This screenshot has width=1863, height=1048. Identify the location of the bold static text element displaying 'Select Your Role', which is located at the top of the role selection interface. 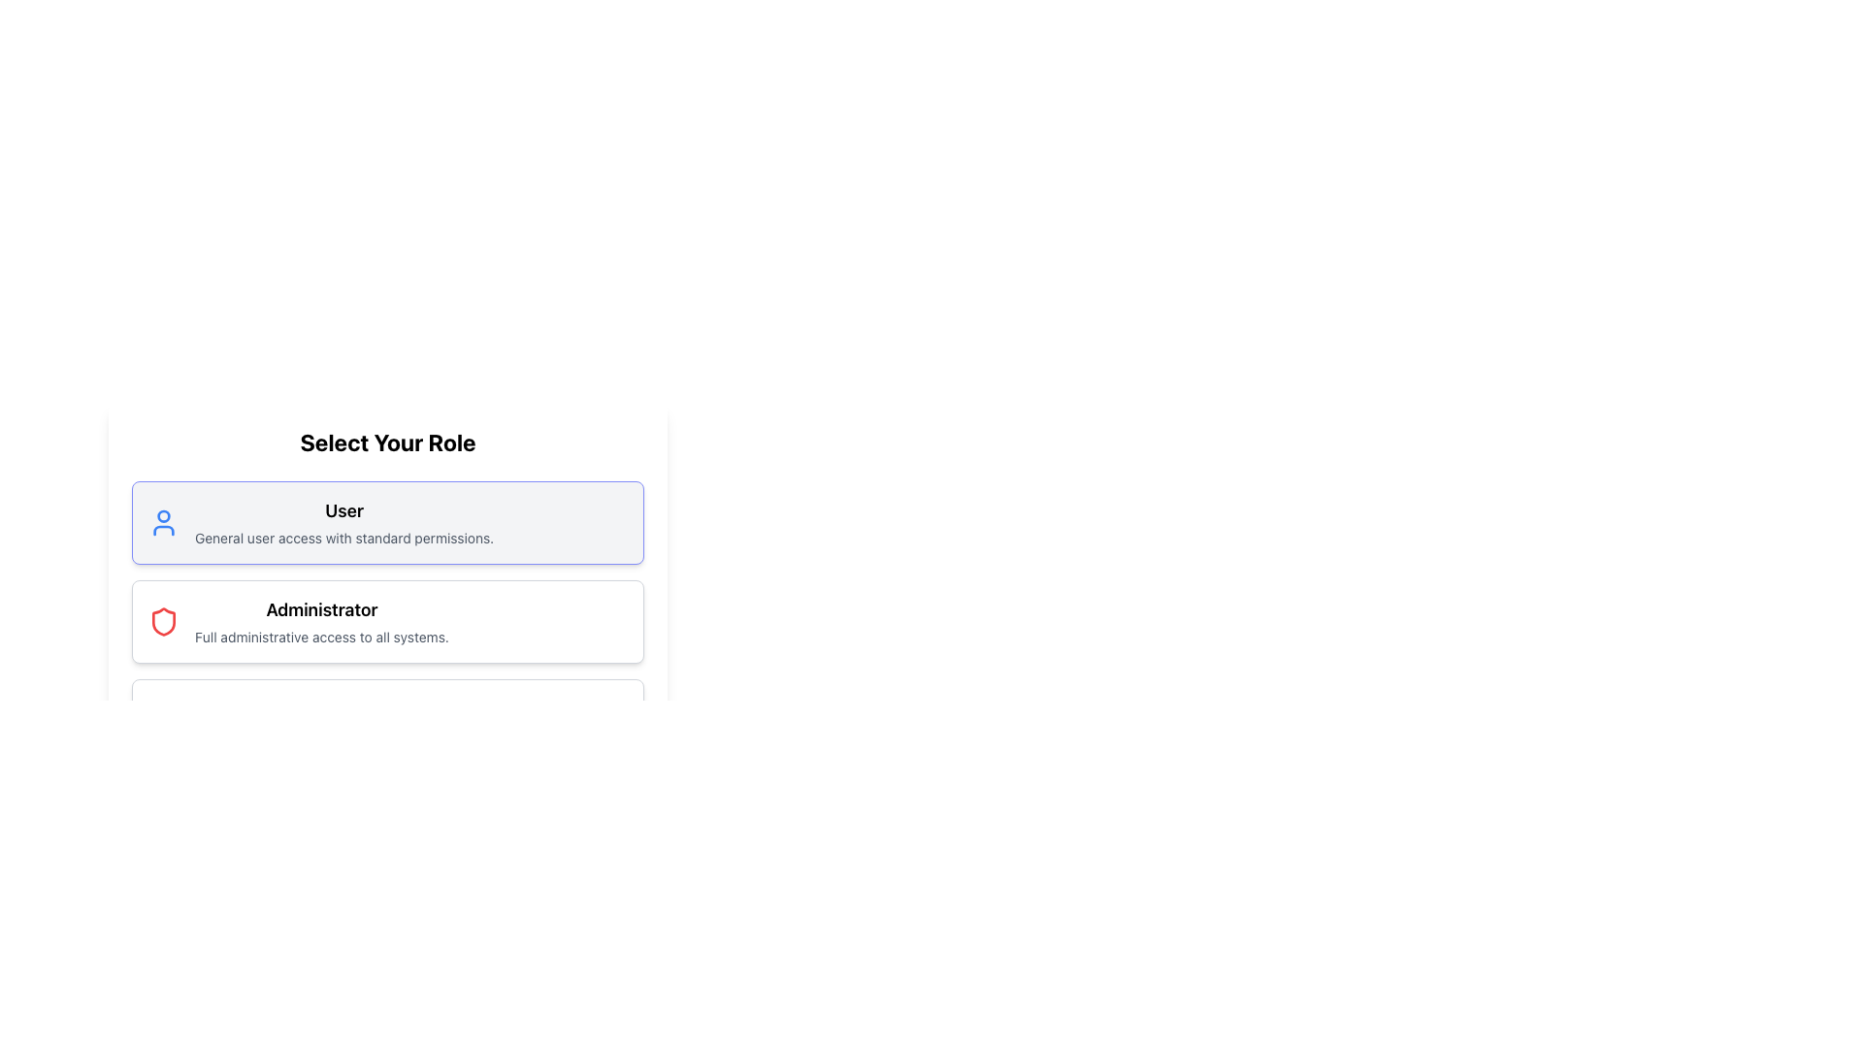
(387, 442).